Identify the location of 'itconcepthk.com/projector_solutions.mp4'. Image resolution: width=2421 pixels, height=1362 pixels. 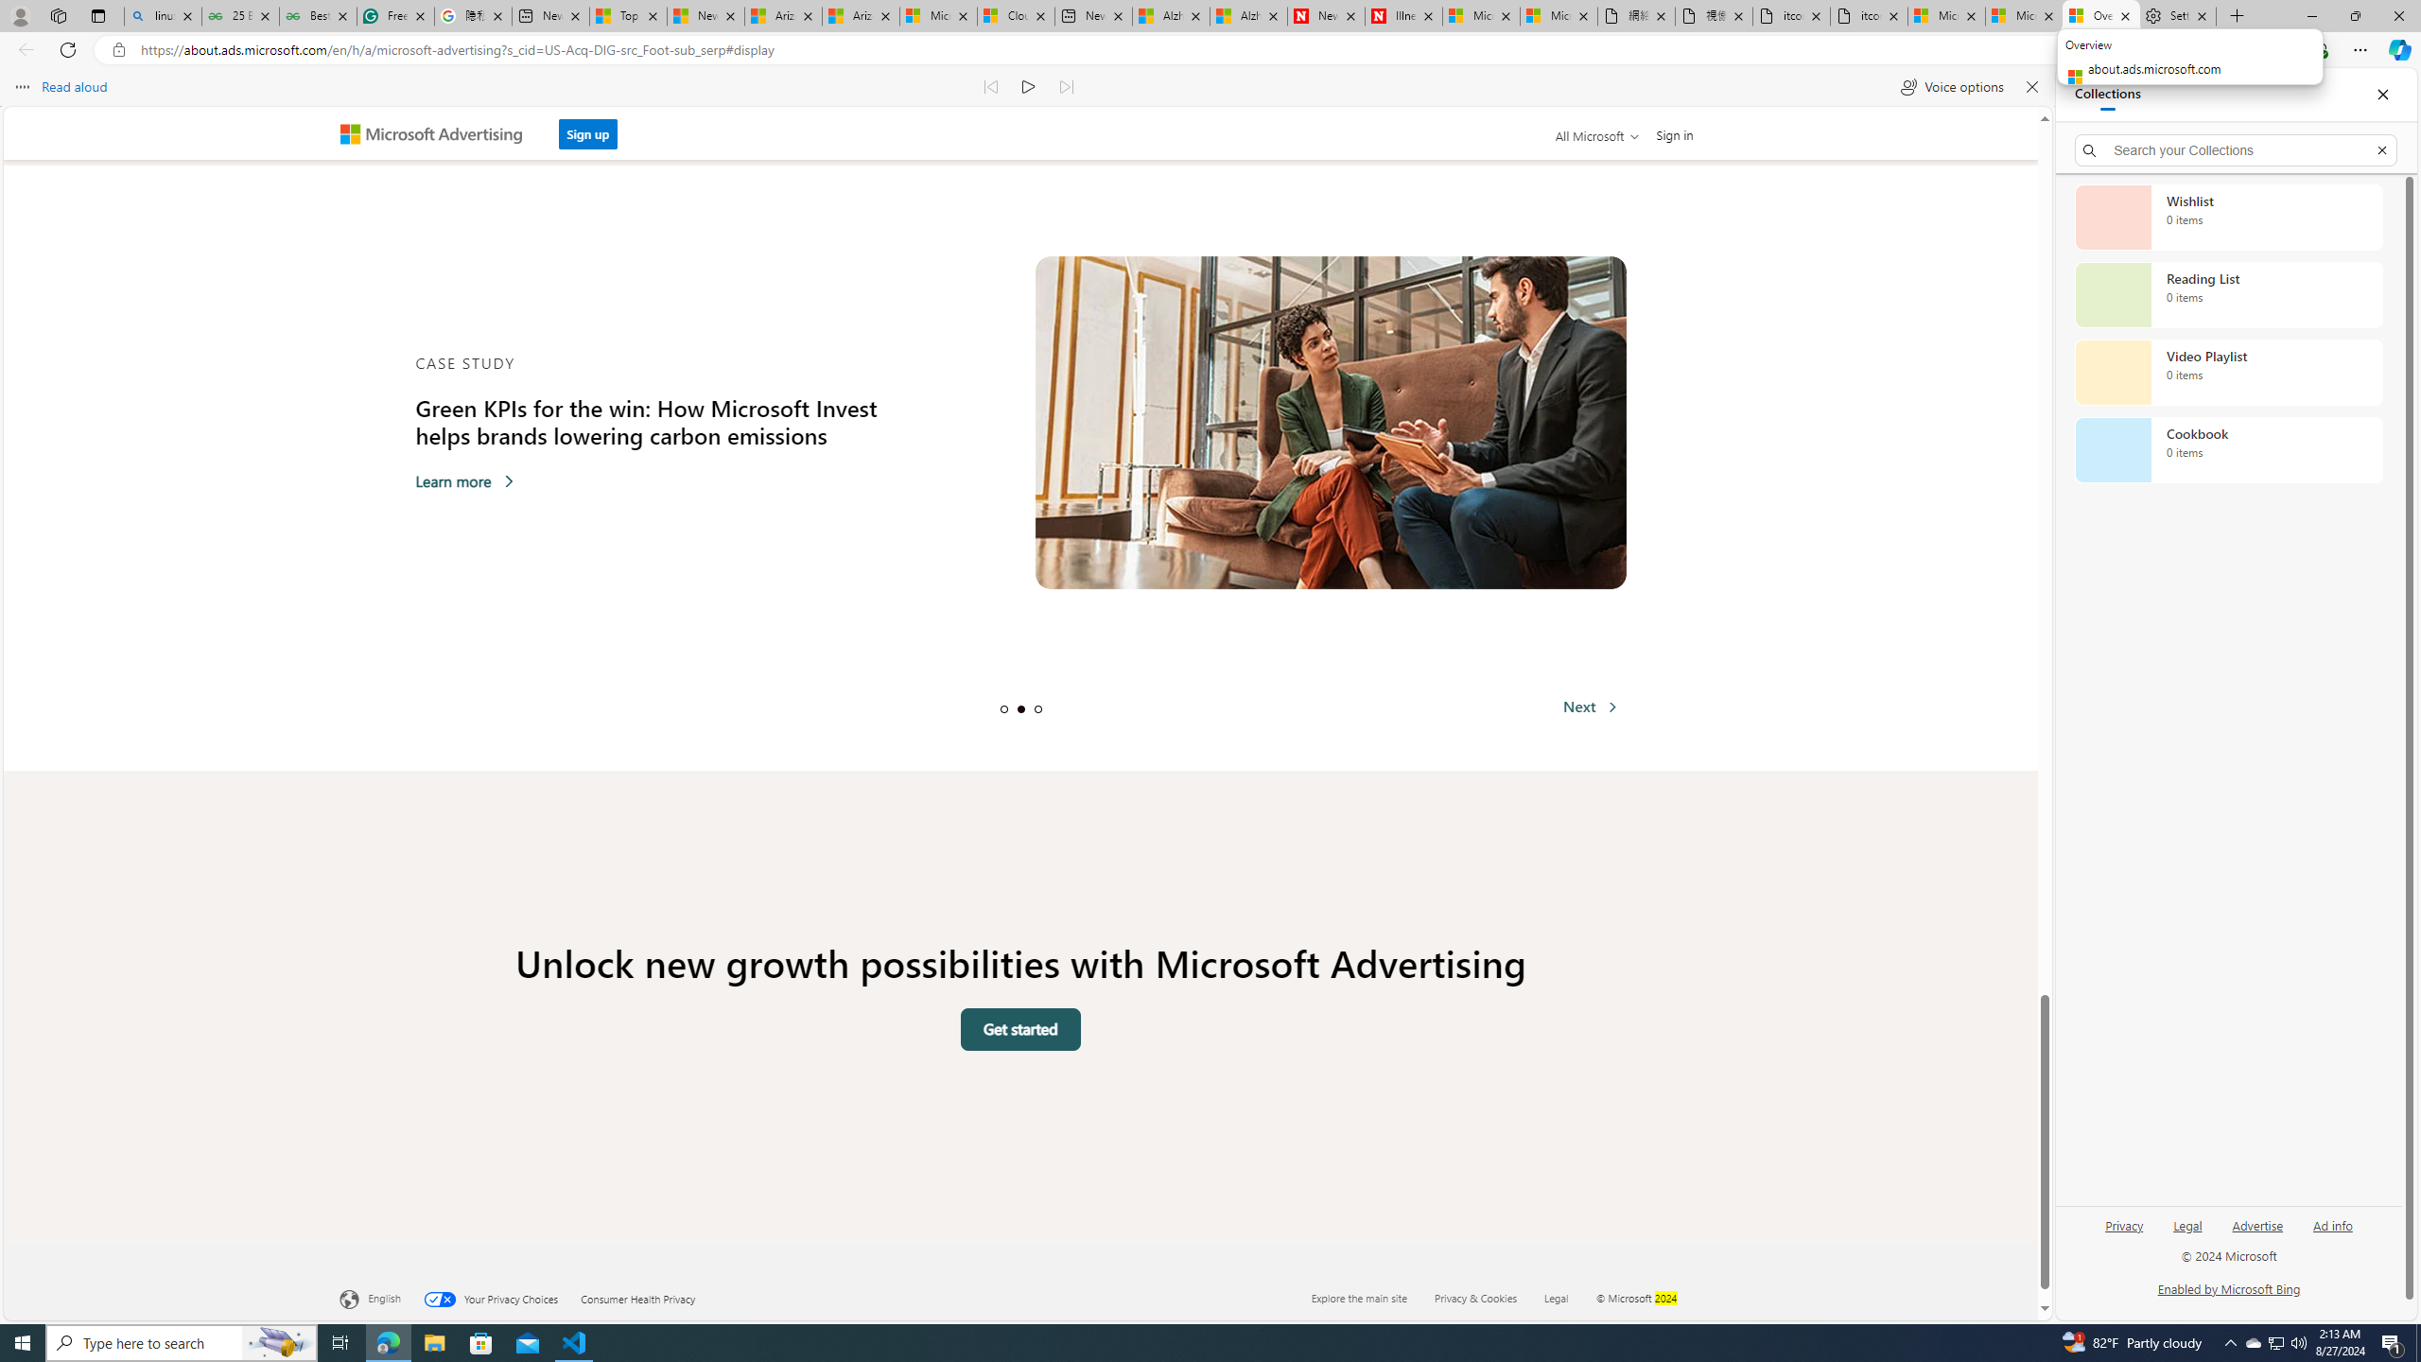
(1869, 15).